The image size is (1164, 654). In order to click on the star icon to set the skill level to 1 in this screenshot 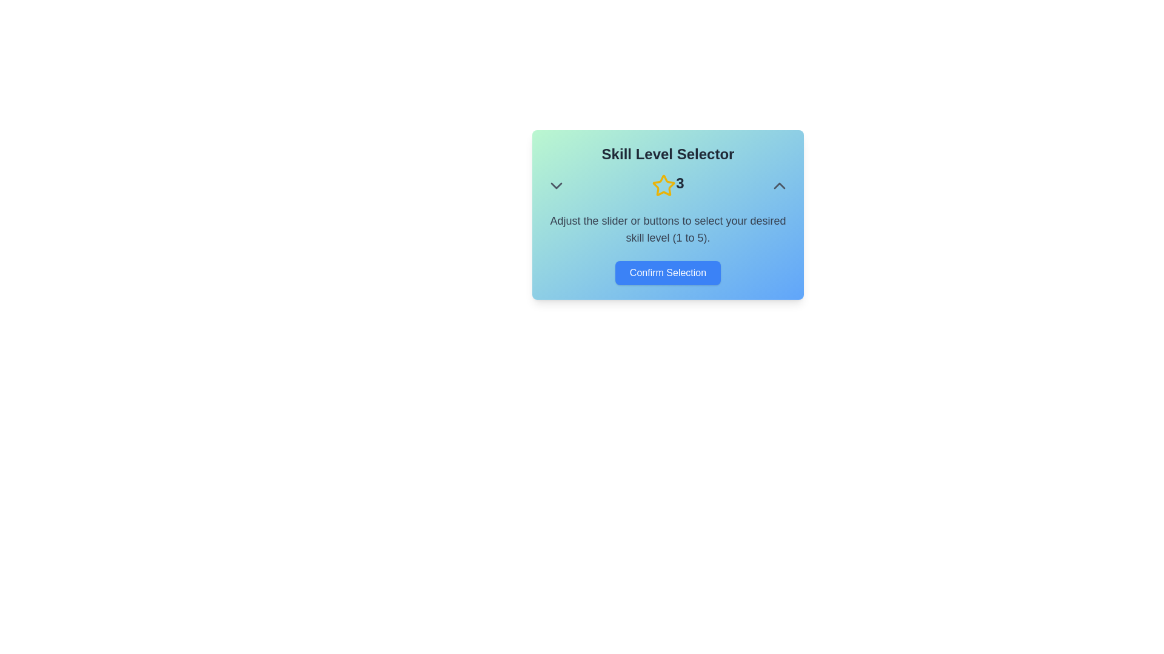, I will do `click(636, 186)`.